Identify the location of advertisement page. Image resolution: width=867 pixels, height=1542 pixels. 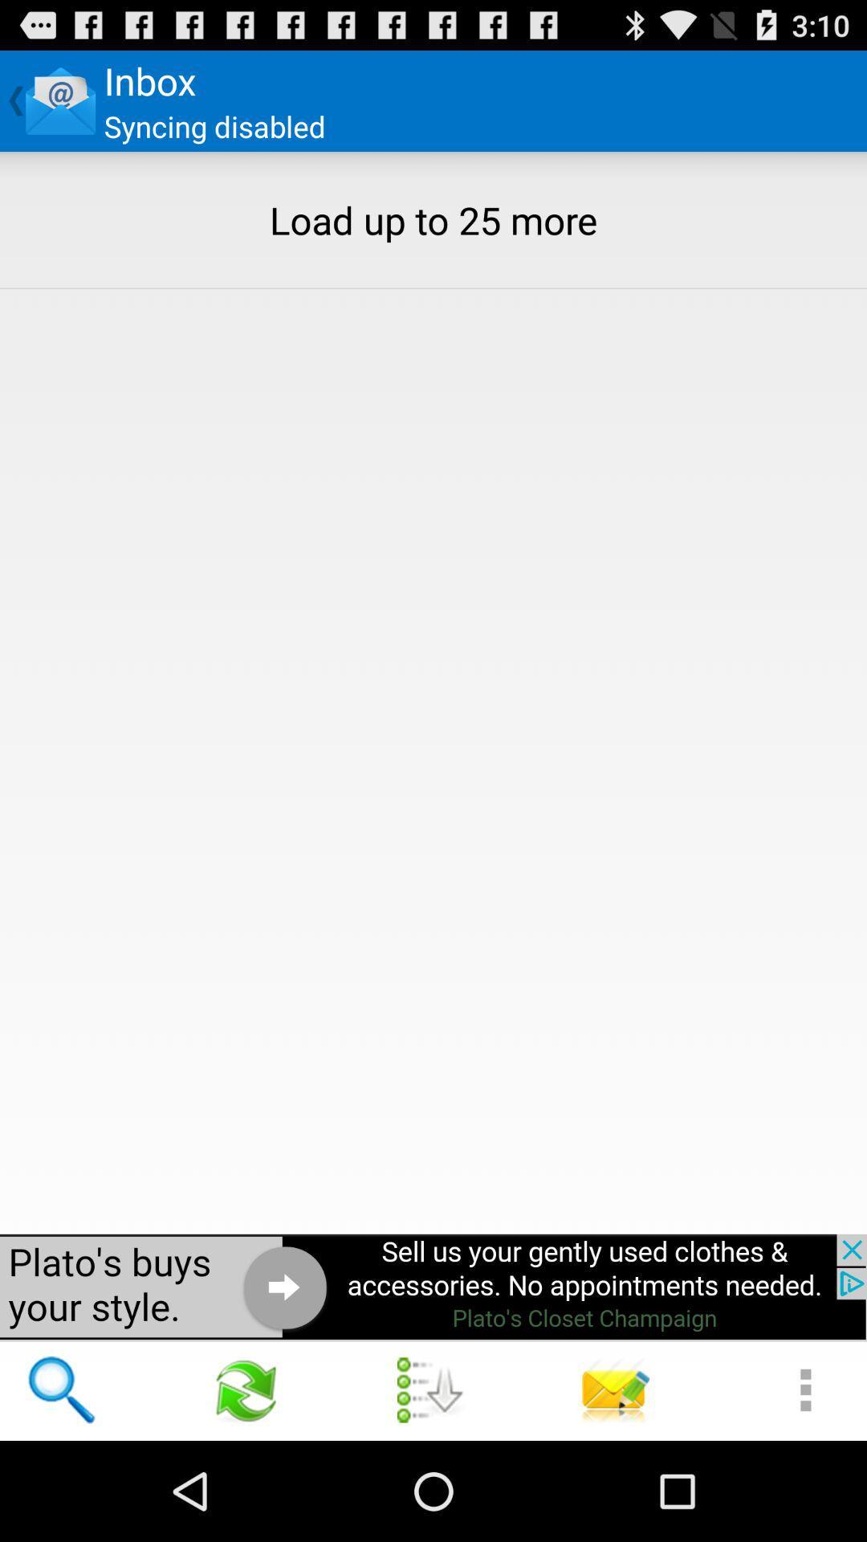
(433, 1287).